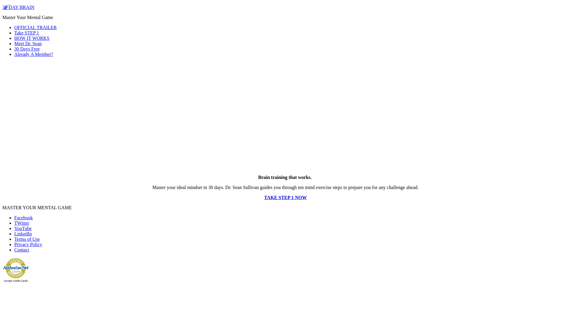 This screenshot has height=321, width=571. What do you see at coordinates (21, 223) in the screenshot?
I see `'TWitter'` at bounding box center [21, 223].